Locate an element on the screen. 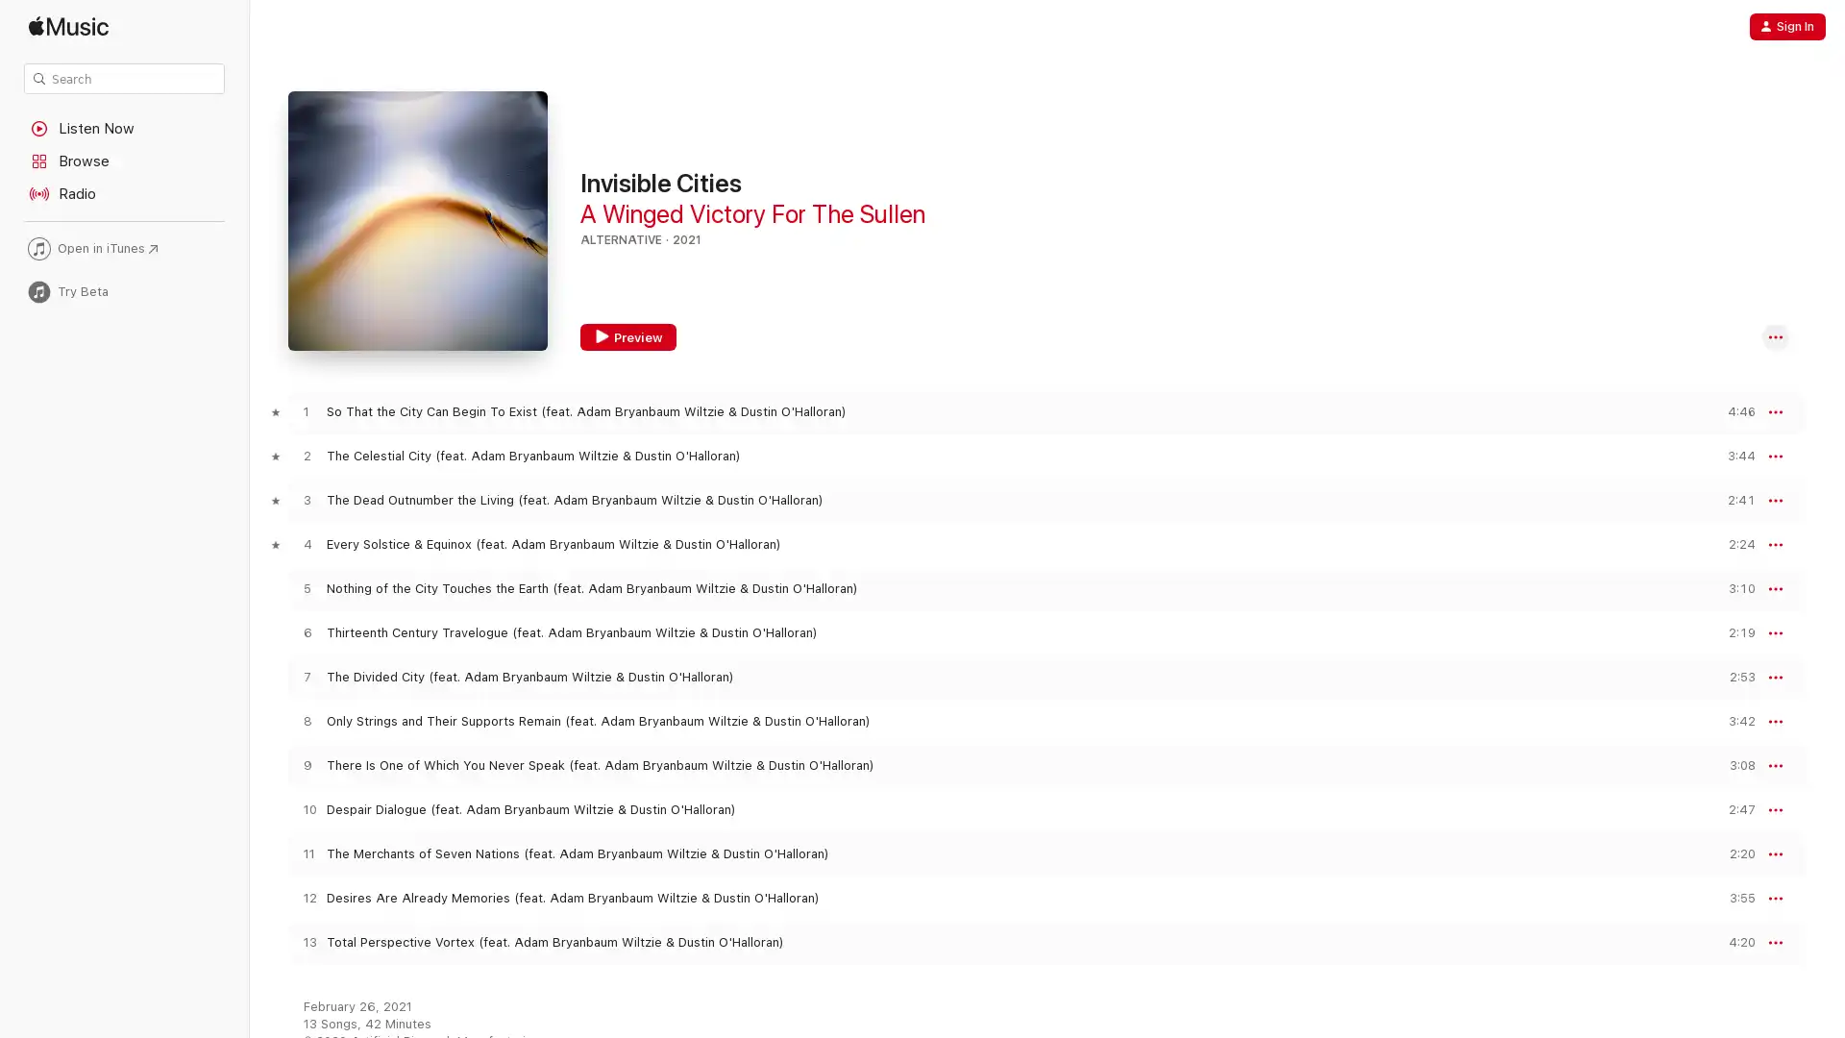  More is located at coordinates (1775, 677).